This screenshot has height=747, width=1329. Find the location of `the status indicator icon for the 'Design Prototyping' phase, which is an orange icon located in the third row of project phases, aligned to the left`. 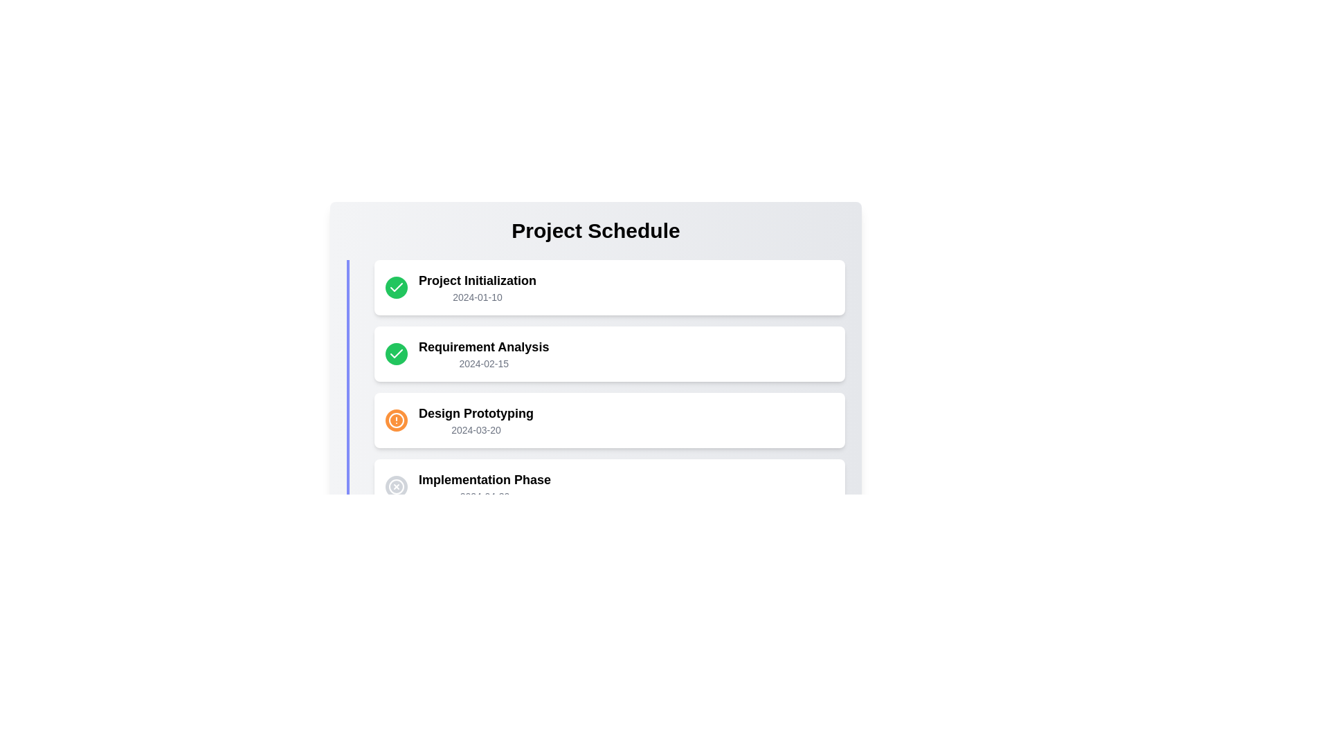

the status indicator icon for the 'Design Prototyping' phase, which is an orange icon located in the third row of project phases, aligned to the left is located at coordinates (395, 420).